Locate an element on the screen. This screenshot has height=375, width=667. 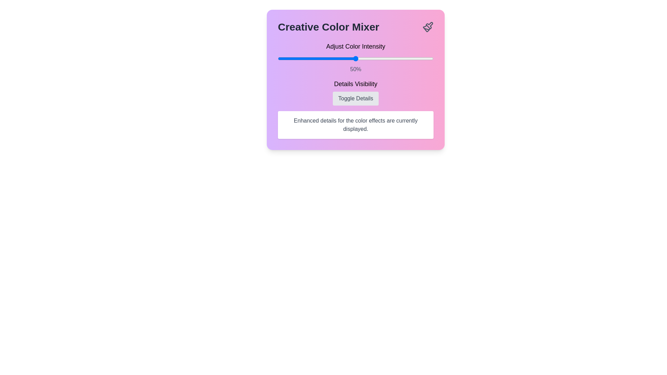
the color intensity is located at coordinates (313, 58).